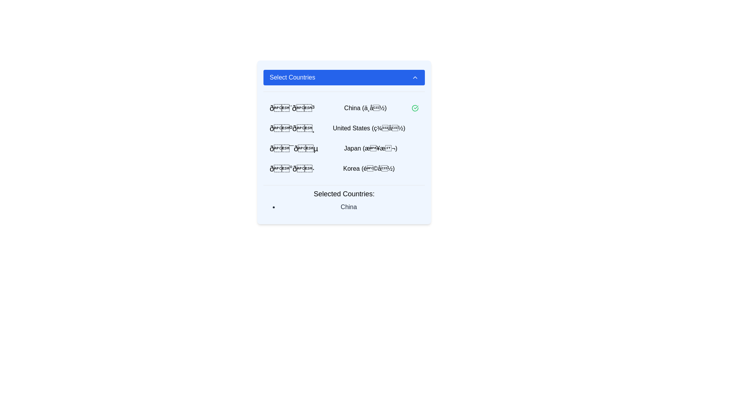 This screenshot has width=745, height=419. I want to click on the static text area displaying the flag emoji '🇯🇵' in the dropdown list for Japan (日本), located in the third row of selectable countries, so click(293, 148).